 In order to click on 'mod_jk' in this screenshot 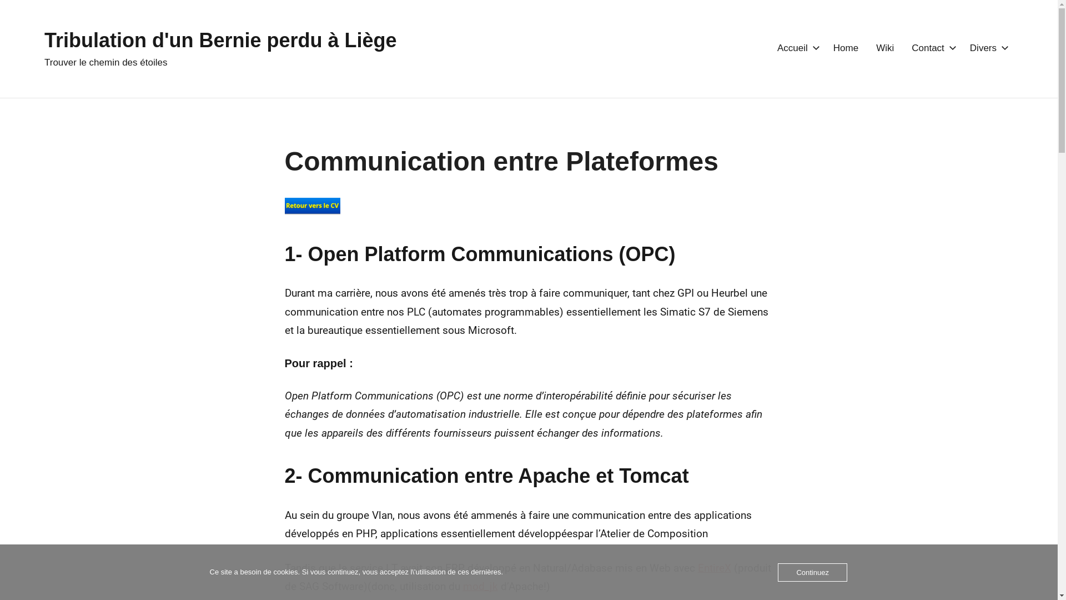, I will do `click(480, 586)`.